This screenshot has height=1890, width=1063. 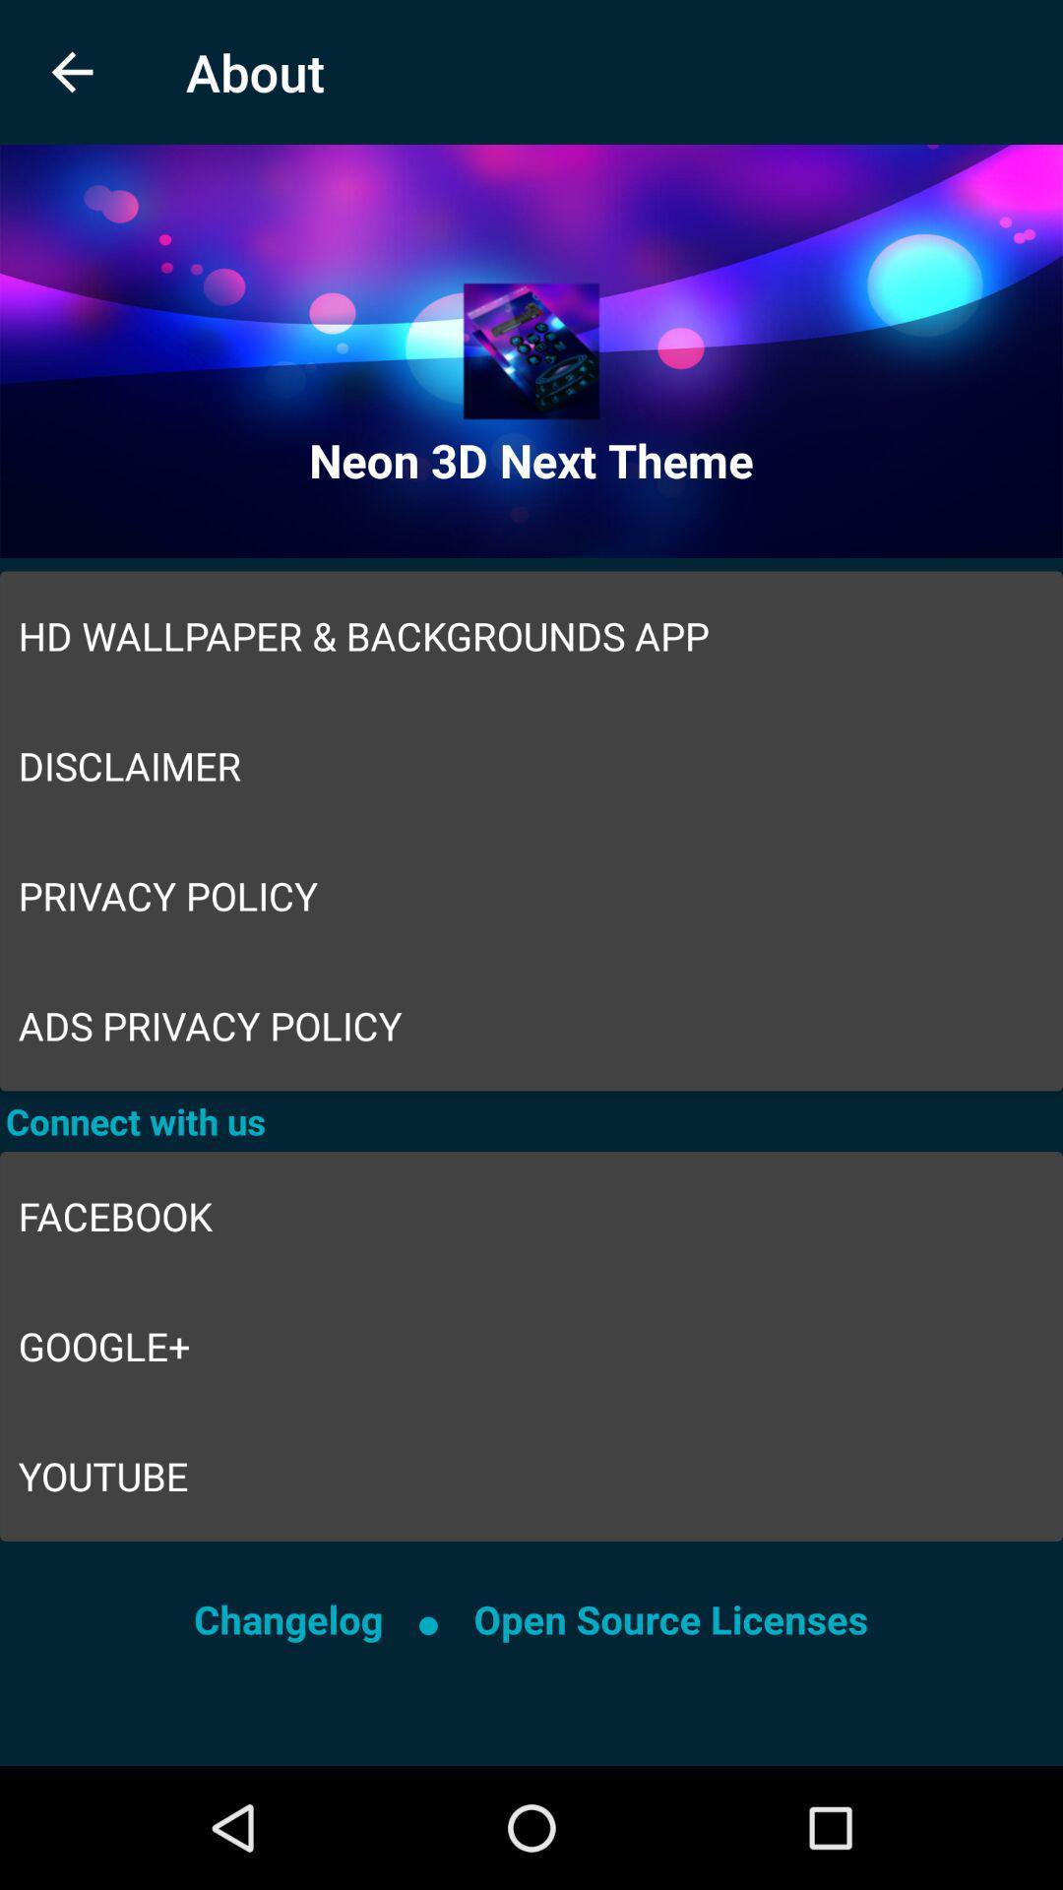 What do you see at coordinates (531, 1215) in the screenshot?
I see `the item below connect with us icon` at bounding box center [531, 1215].